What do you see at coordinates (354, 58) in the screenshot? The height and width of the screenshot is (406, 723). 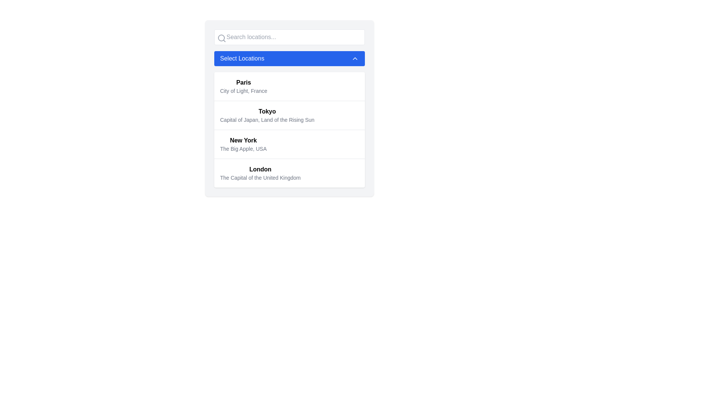 I see `the upward-pointing chevron icon button on the right edge of the 'Select Locations' bar` at bounding box center [354, 58].